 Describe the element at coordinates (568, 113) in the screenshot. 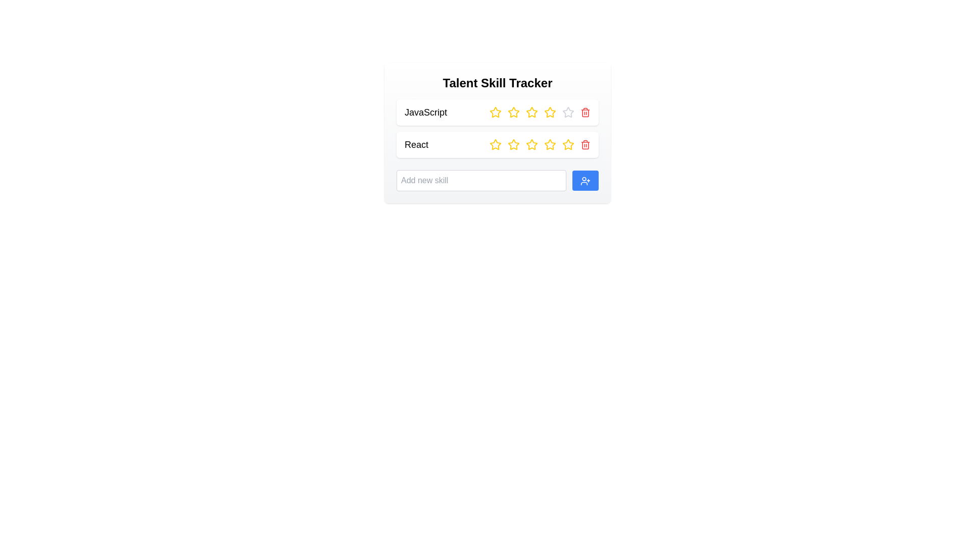

I see `the gray star icon` at that location.